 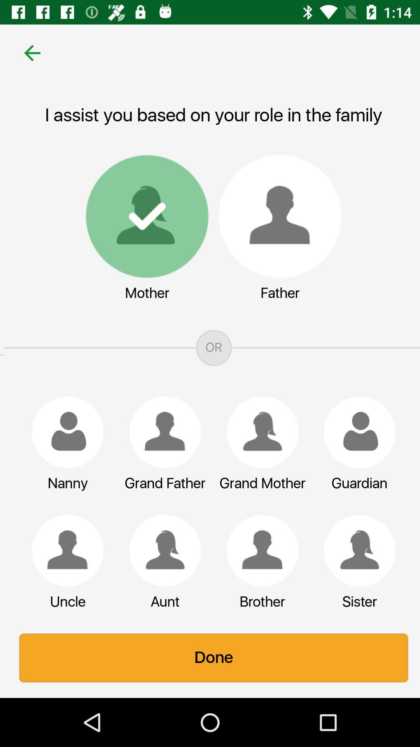 I want to click on the item to the right of grand mother icon, so click(x=356, y=432).